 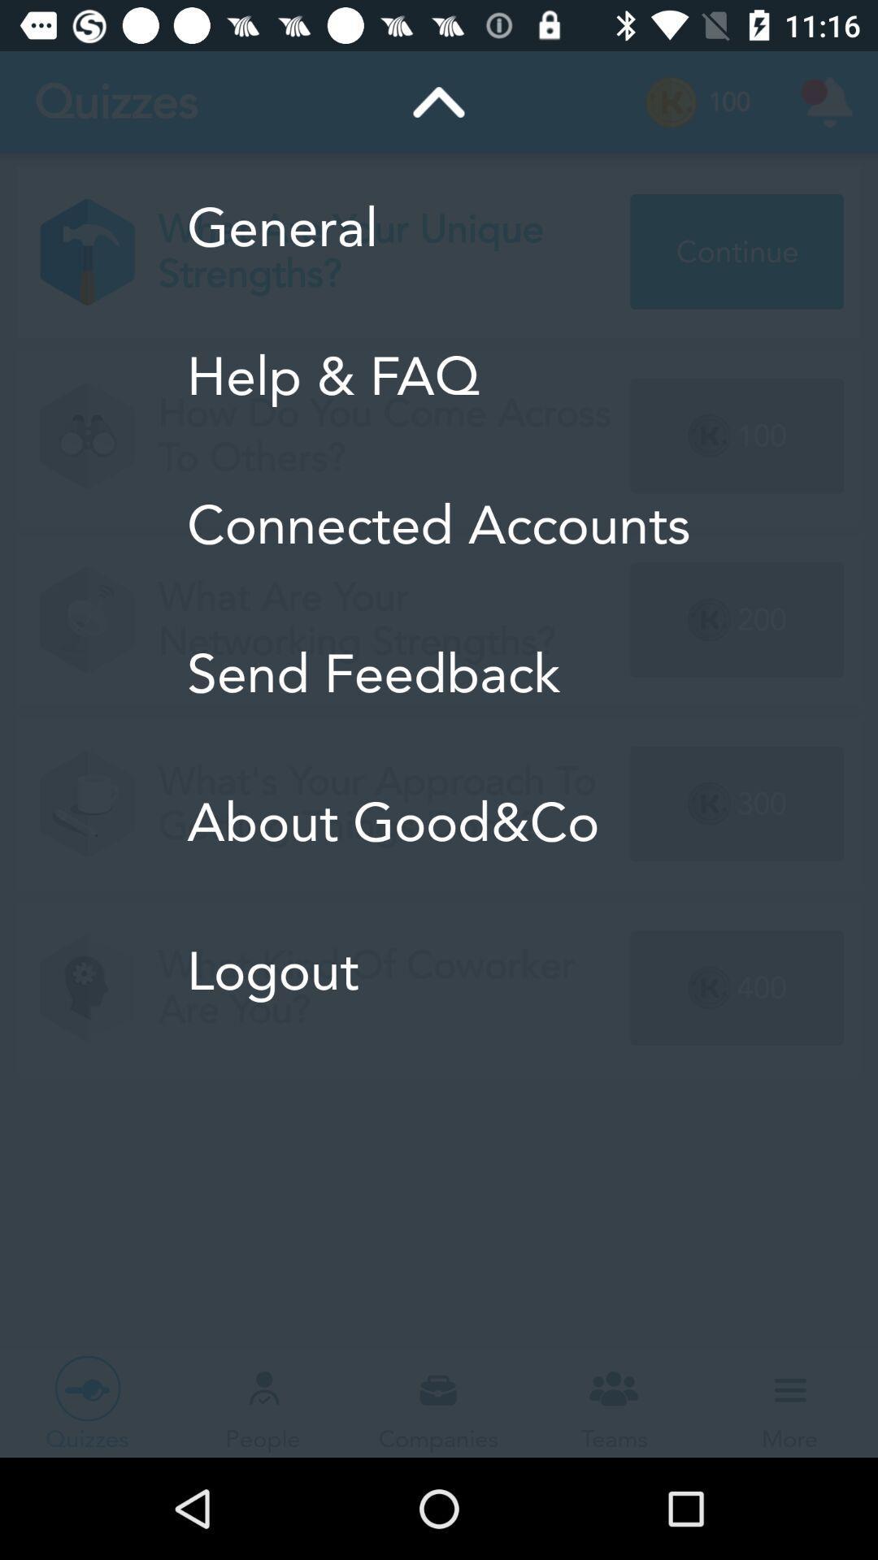 I want to click on connected accounts icon, so click(x=437, y=525).